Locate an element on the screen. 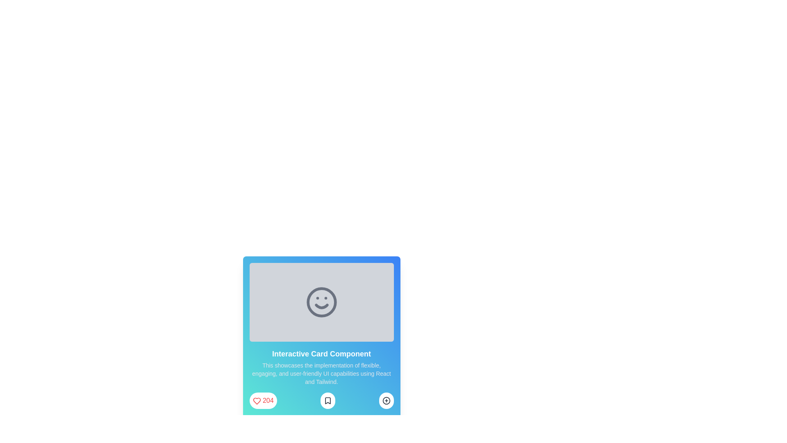 This screenshot has width=787, height=443. the decorative SVG circle element in the central facial area of the smiley face icon is located at coordinates (321, 302).